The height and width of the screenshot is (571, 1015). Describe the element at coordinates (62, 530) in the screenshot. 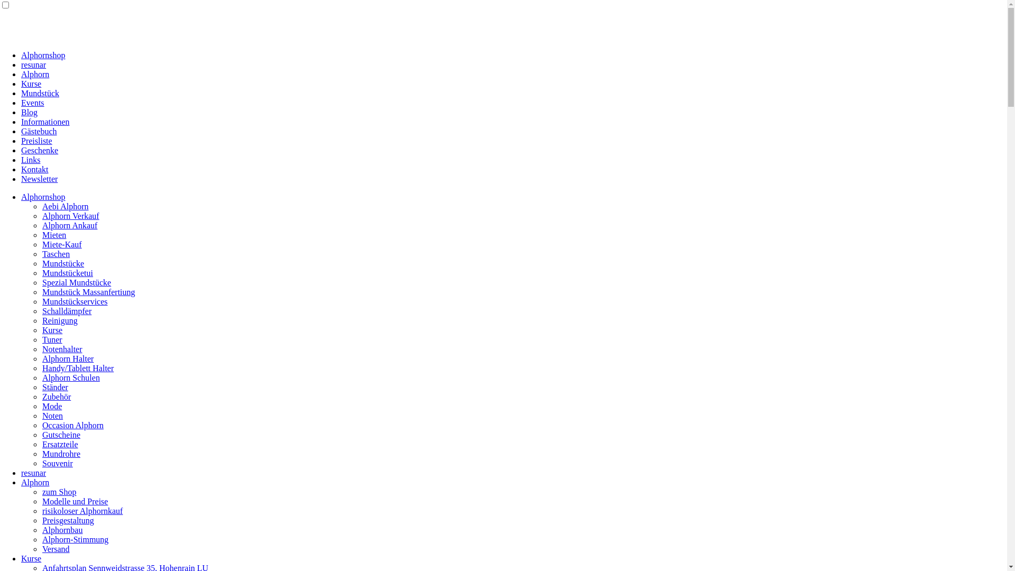

I see `'Alphornbau'` at that location.